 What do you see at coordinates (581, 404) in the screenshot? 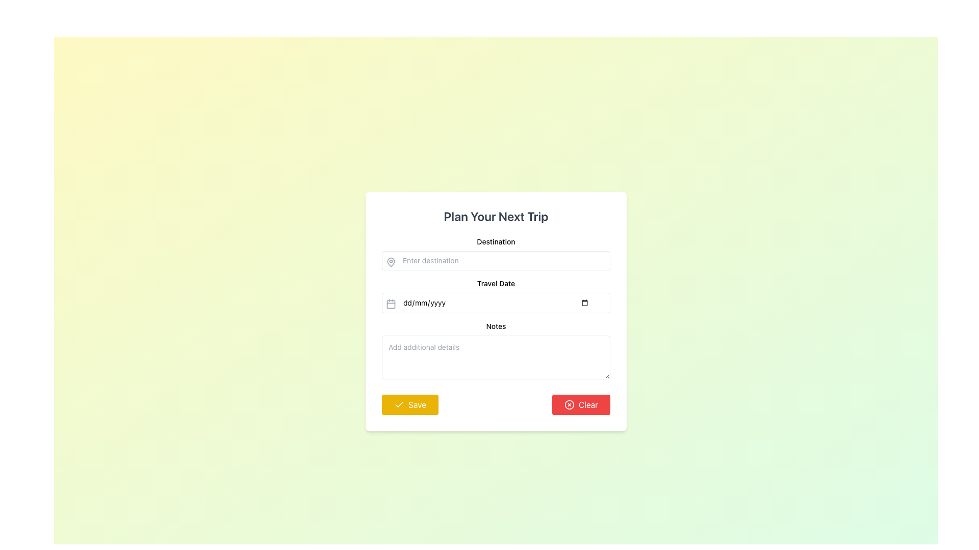
I see `the 'Clear' button located at the bottom-right corner of the form interface to reset the input fields` at bounding box center [581, 404].